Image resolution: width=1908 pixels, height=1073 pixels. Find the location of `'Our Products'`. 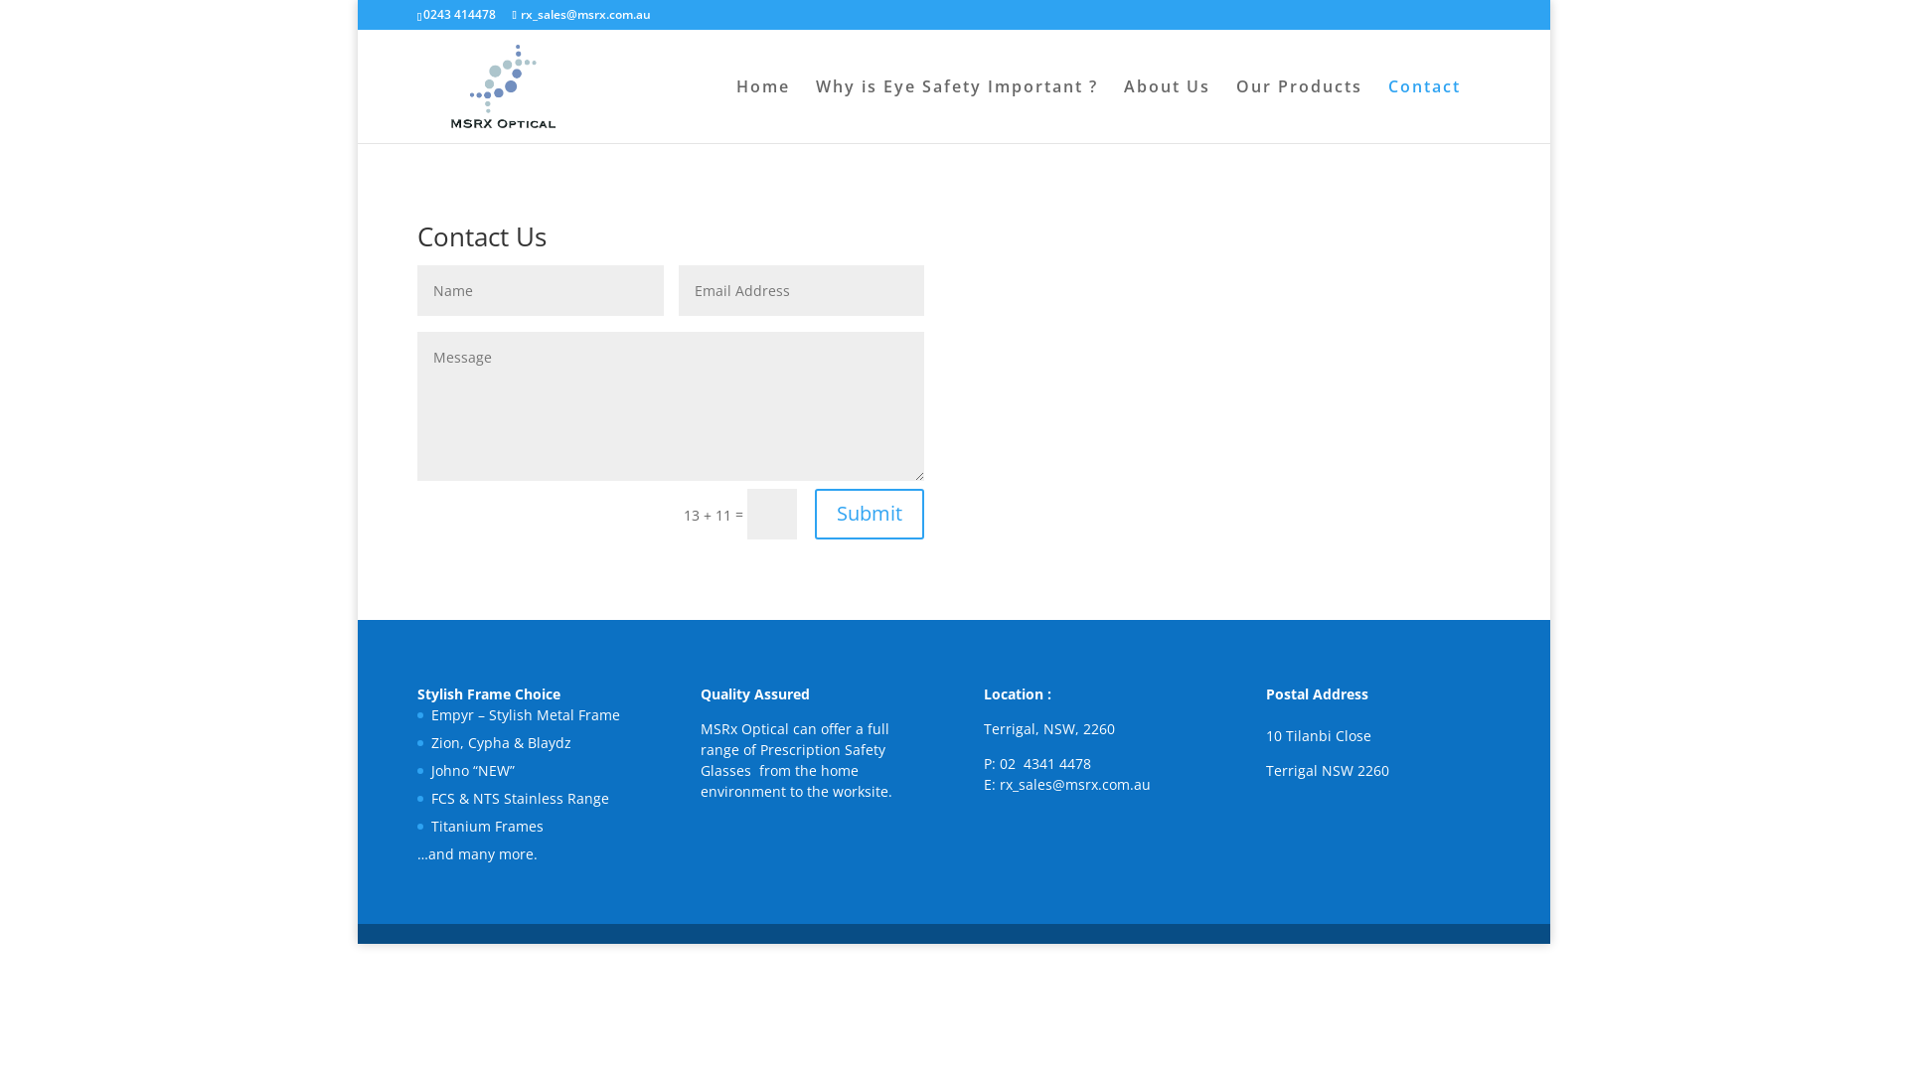

'Our Products' is located at coordinates (1299, 110).